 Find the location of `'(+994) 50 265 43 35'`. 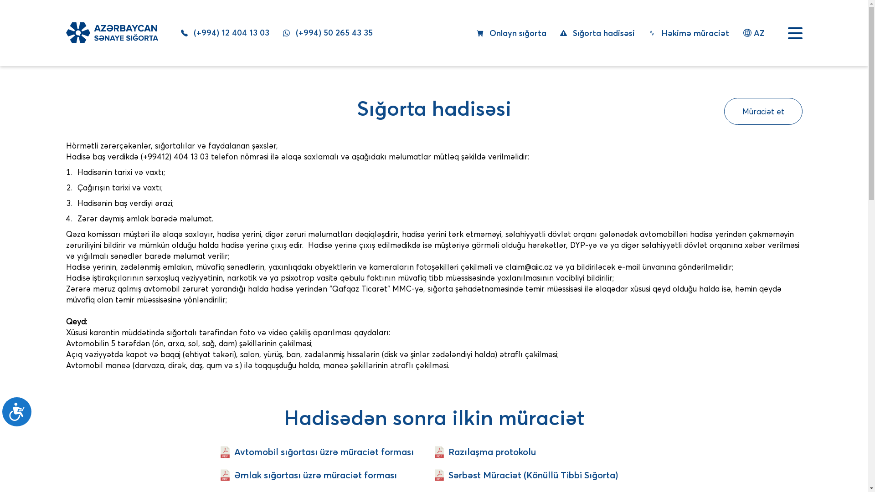

'(+994) 50 265 43 35' is located at coordinates (282, 32).